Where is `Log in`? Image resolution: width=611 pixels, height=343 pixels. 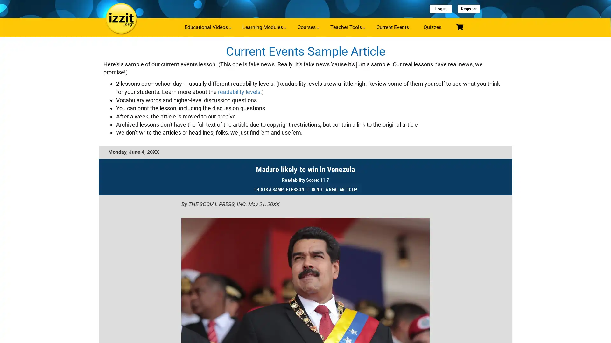 Log in is located at coordinates (440, 9).